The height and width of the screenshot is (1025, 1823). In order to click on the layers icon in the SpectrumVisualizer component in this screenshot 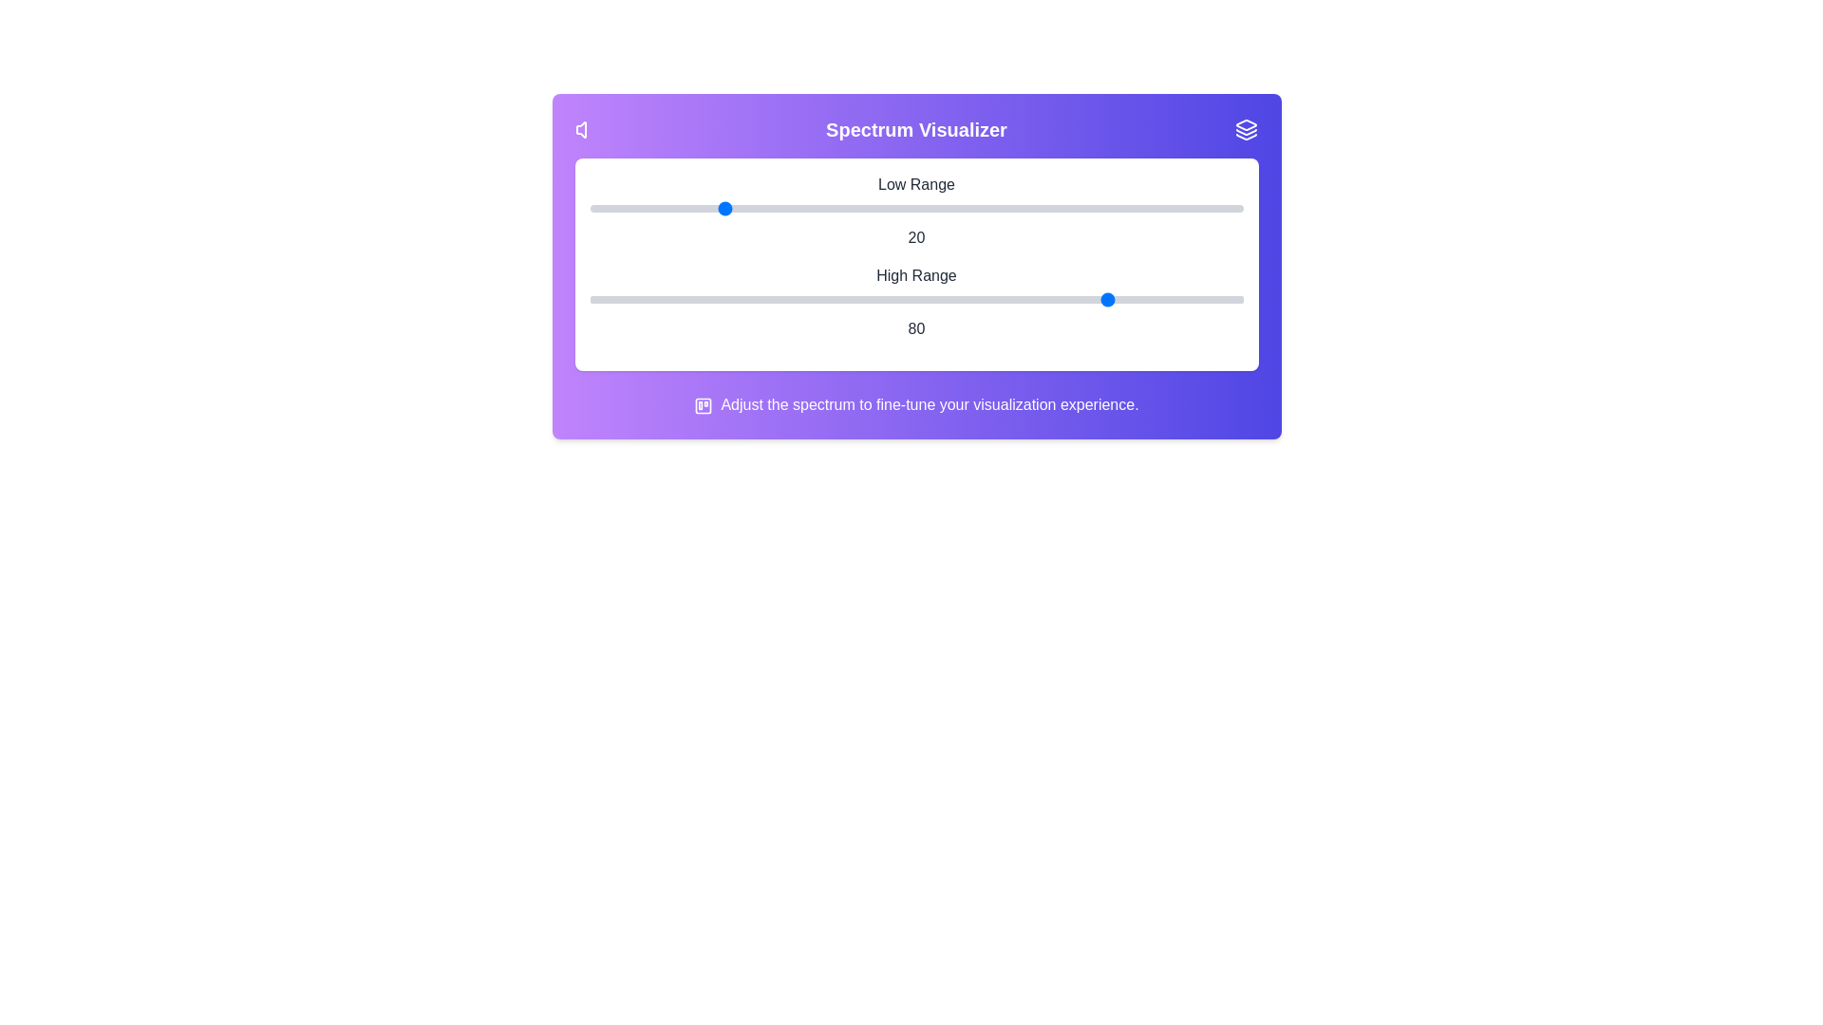, I will do `click(1247, 129)`.